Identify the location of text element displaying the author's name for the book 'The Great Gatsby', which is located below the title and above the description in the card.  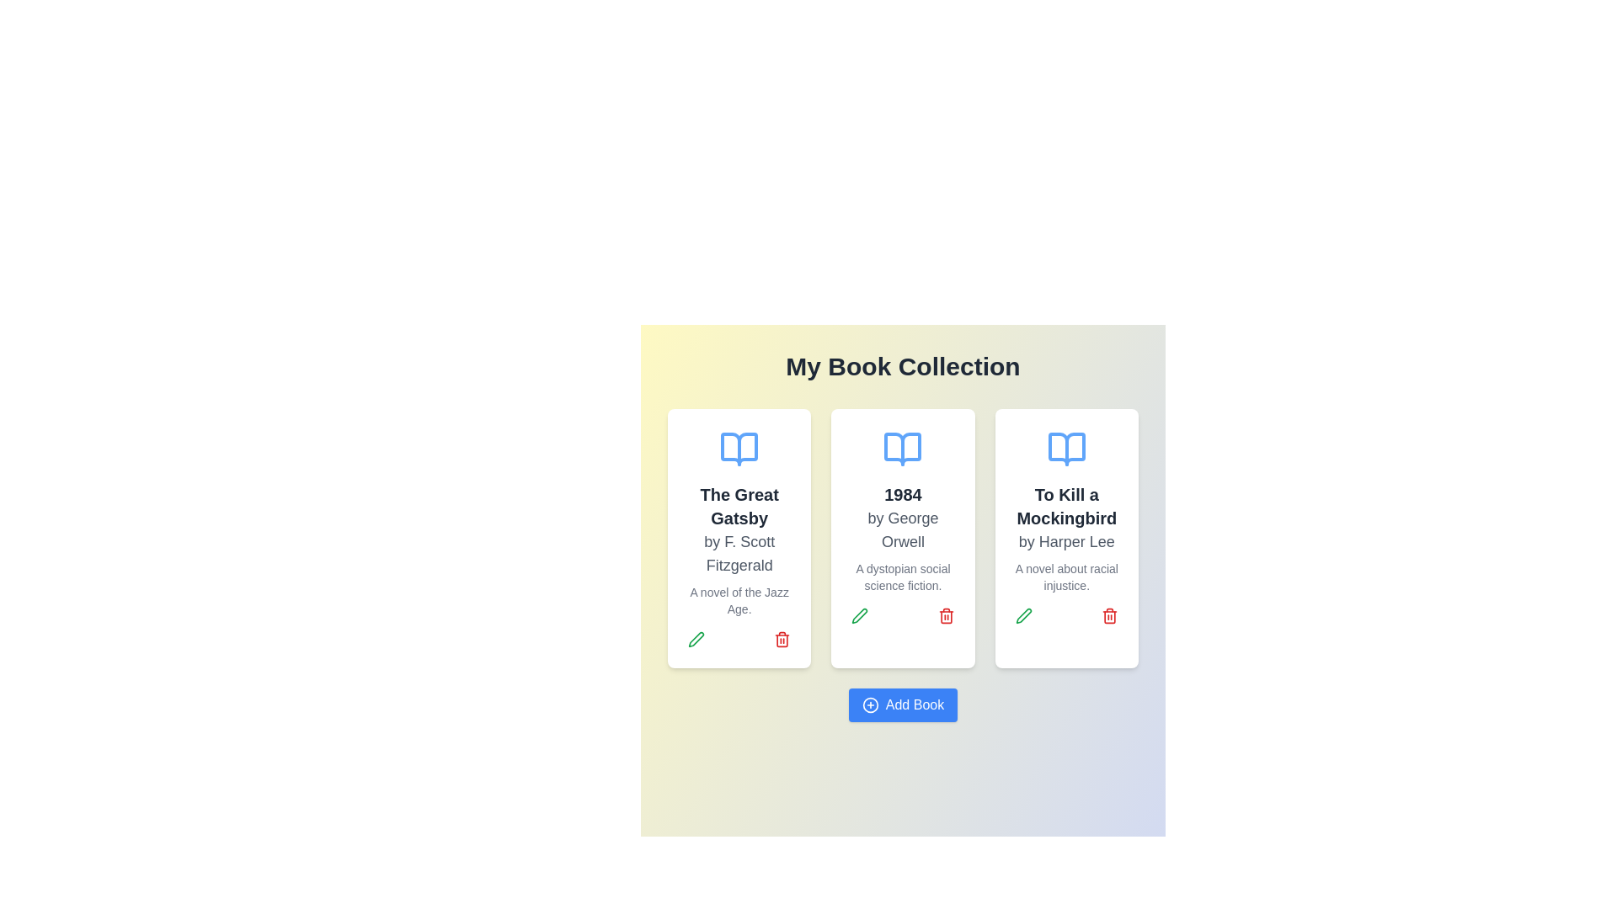
(739, 554).